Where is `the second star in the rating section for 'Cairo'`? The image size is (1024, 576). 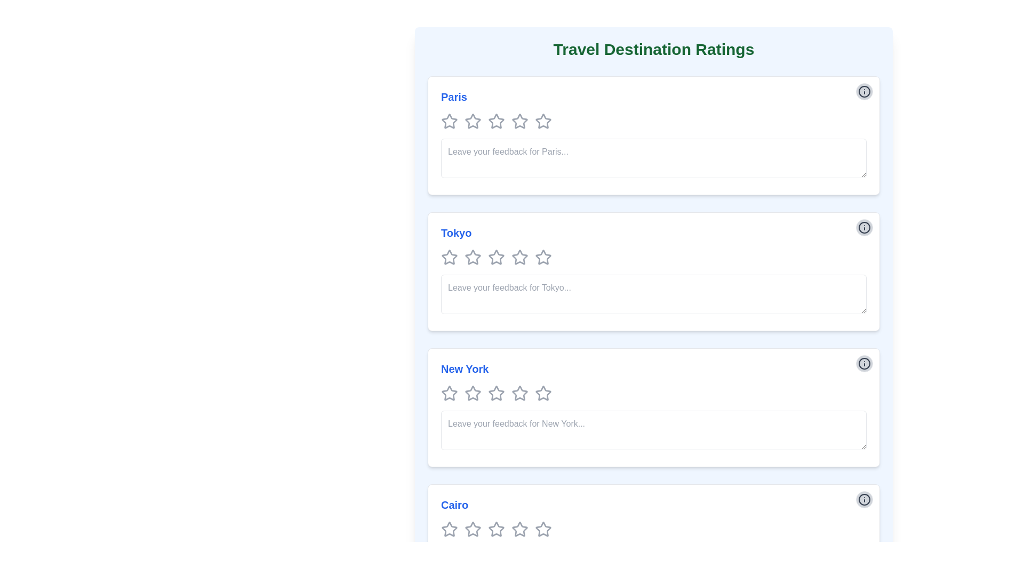 the second star in the rating section for 'Cairo' is located at coordinates (519, 529).